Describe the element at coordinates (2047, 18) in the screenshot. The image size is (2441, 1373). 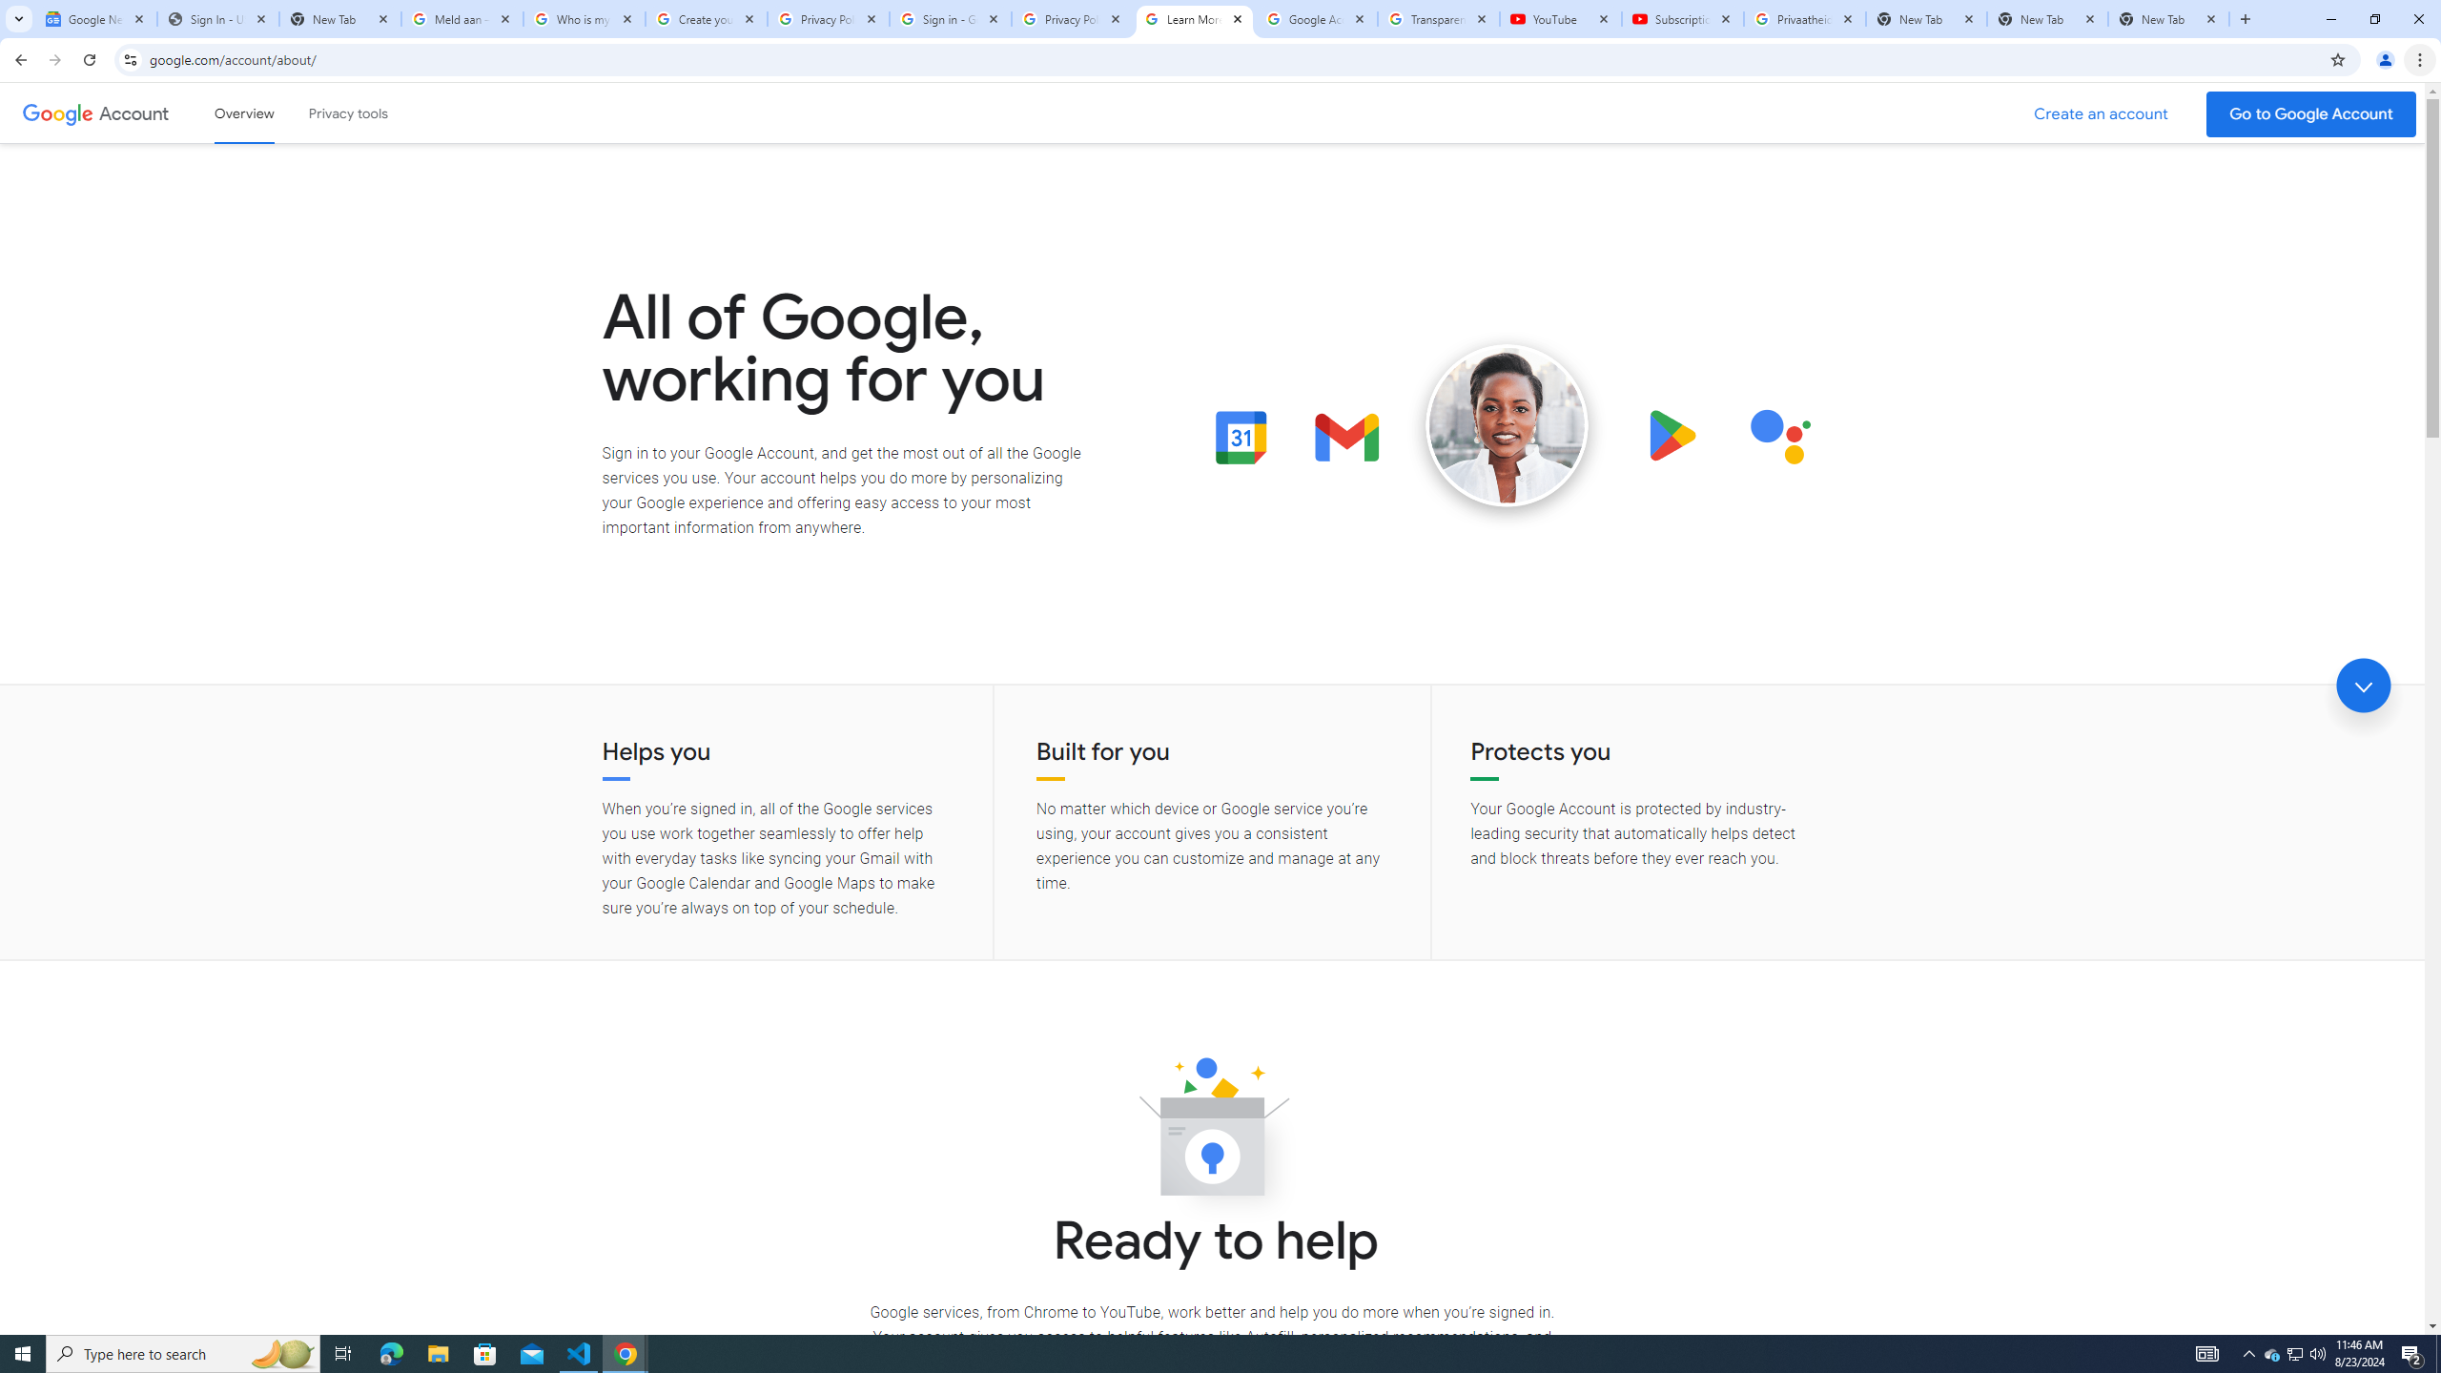
I see `'New Tab'` at that location.